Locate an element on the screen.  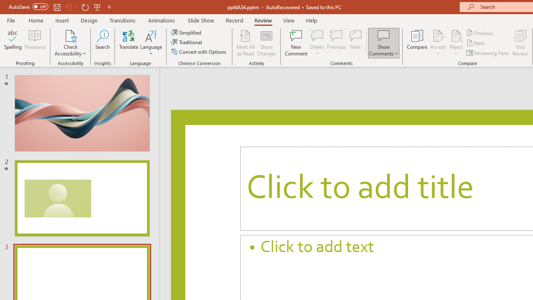
'Translate' is located at coordinates (128, 43).